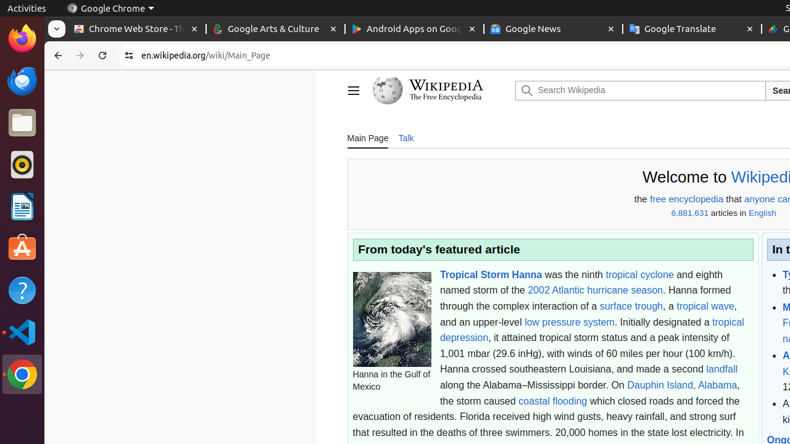  I want to click on 'Google Arts & Culture - Memory usage - 122 MB', so click(275, 28).